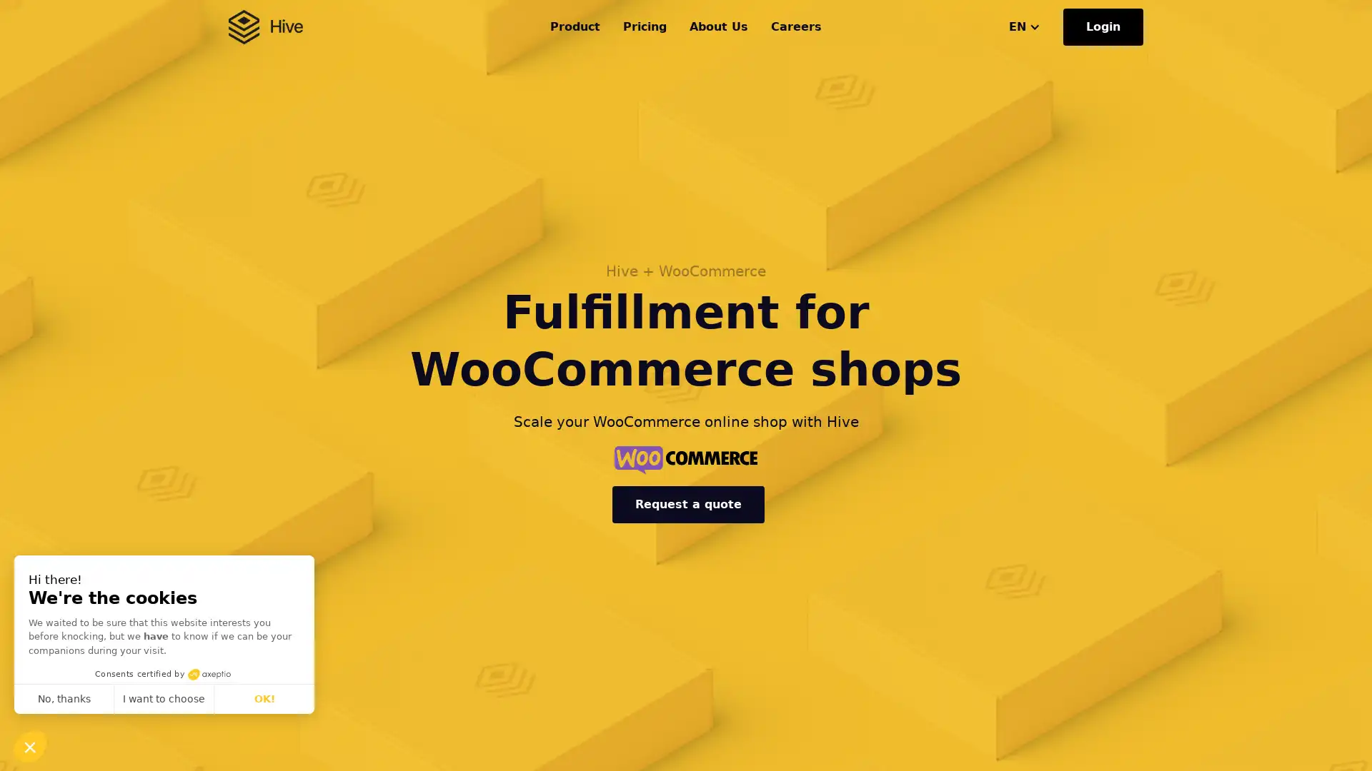 This screenshot has width=1372, height=771. What do you see at coordinates (30, 745) in the screenshot?
I see `Continue and decide later` at bounding box center [30, 745].